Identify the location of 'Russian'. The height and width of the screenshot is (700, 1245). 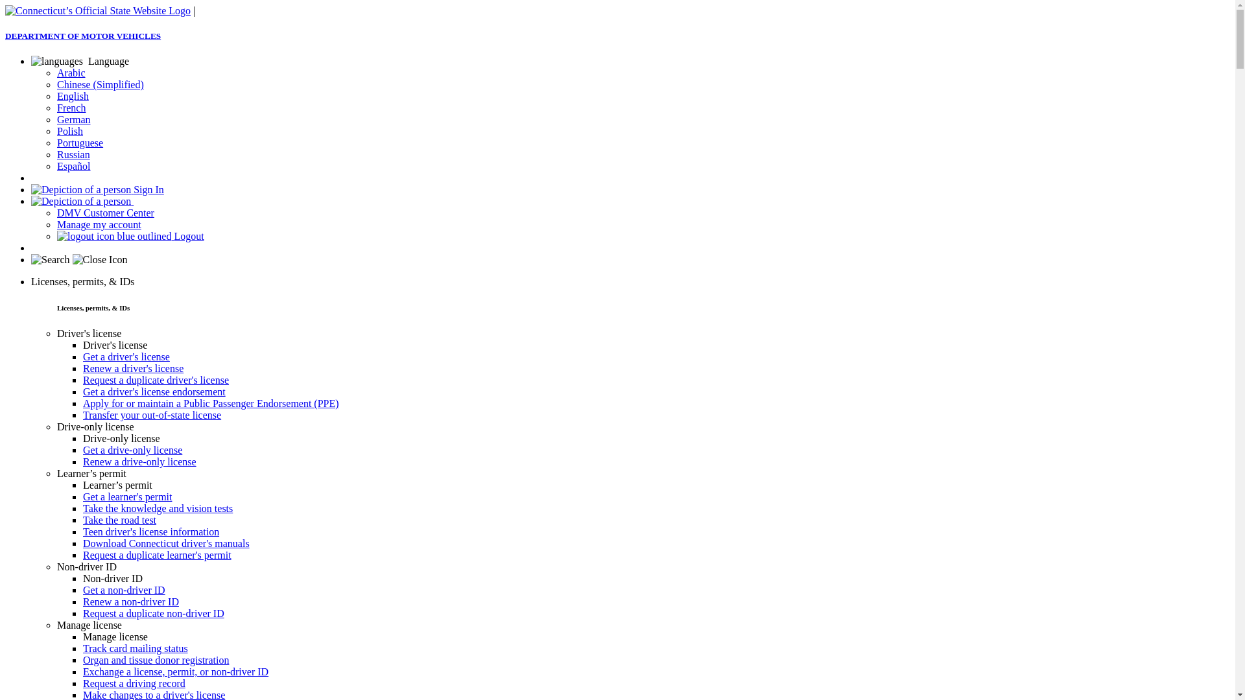
(56, 154).